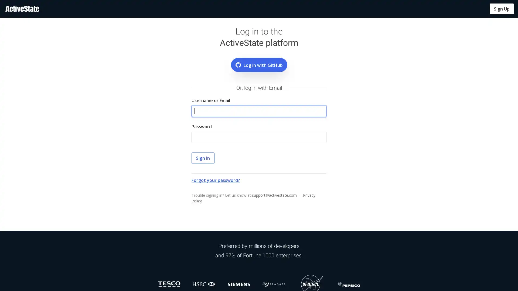 Image resolution: width=518 pixels, height=291 pixels. Describe the element at coordinates (203, 158) in the screenshot. I see `Sign In` at that location.